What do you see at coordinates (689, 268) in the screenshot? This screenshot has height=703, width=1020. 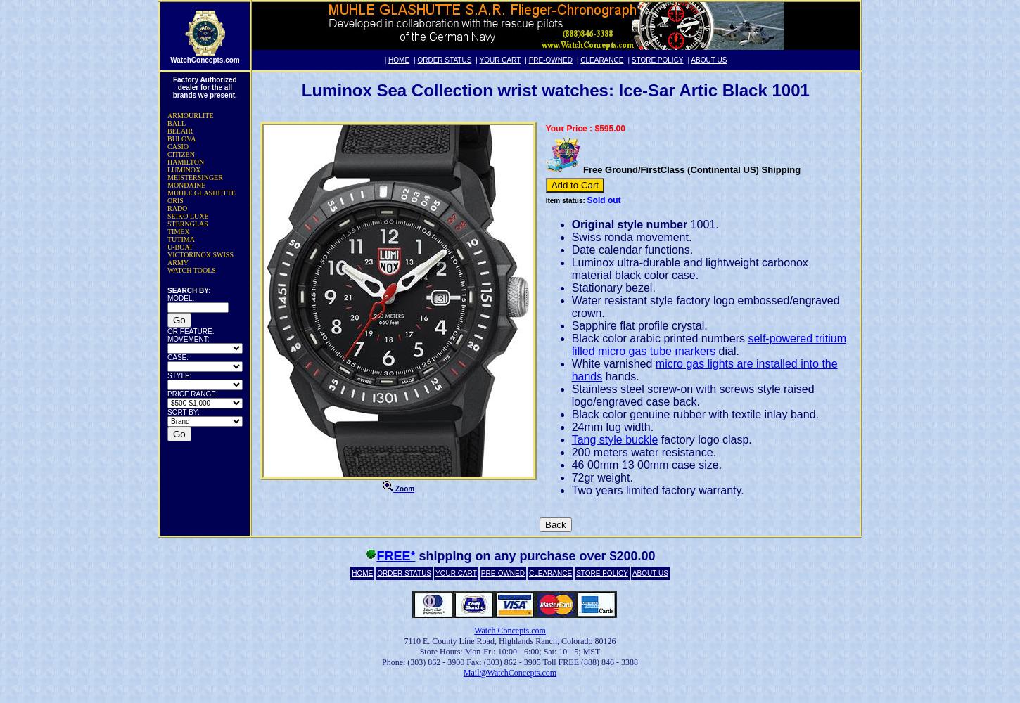 I see `'Luminox ultra-durable and lightweight carbonox material  black color 
 
case.'` at bounding box center [689, 268].